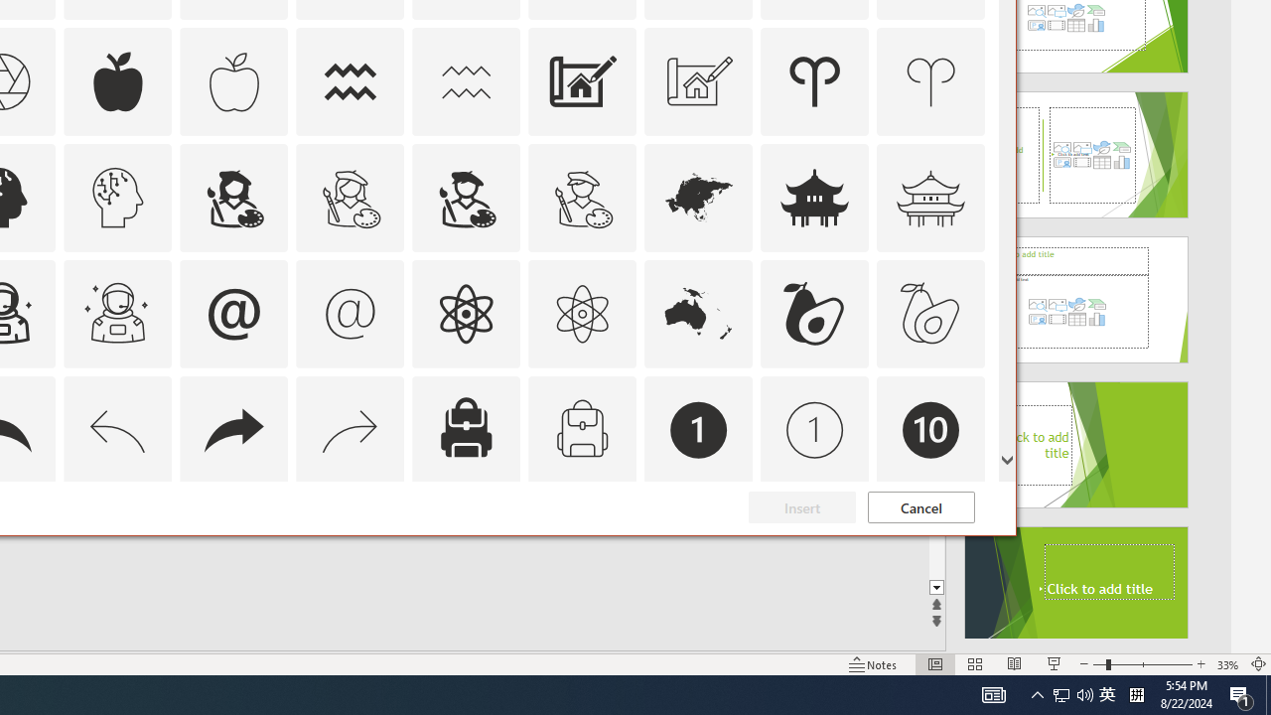 Image resolution: width=1271 pixels, height=715 pixels. I want to click on 'AutomationID: Icons_AsianTemple_M', so click(930, 197).